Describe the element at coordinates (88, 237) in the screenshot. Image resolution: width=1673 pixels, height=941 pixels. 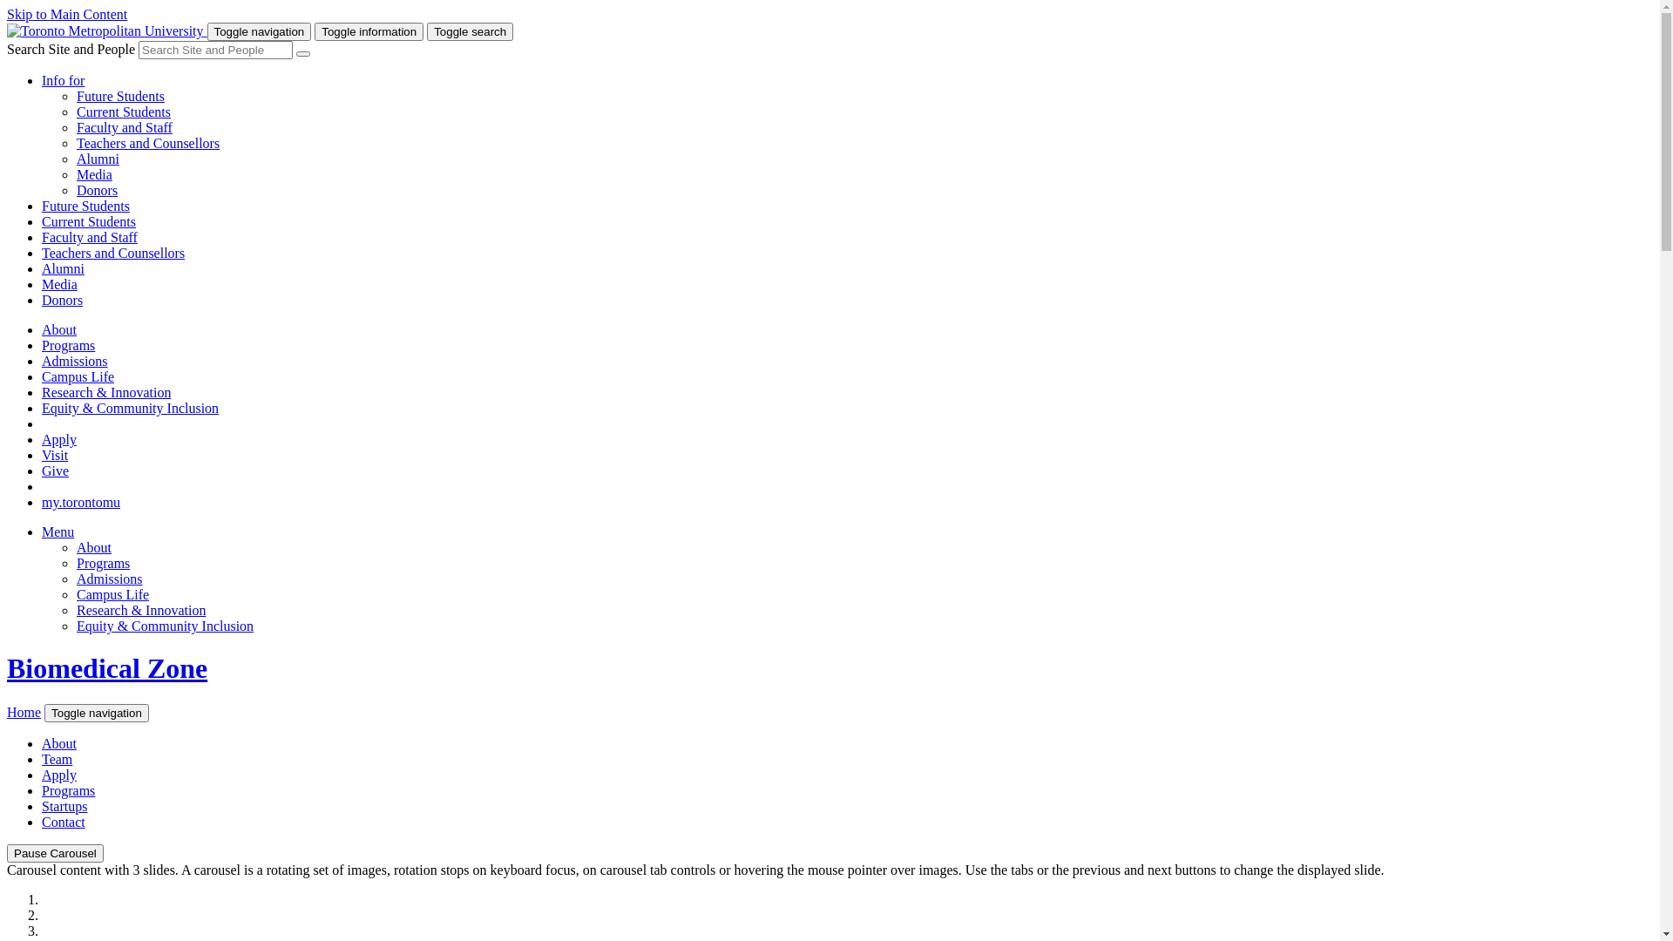
I see `'Faculty and Staff'` at that location.